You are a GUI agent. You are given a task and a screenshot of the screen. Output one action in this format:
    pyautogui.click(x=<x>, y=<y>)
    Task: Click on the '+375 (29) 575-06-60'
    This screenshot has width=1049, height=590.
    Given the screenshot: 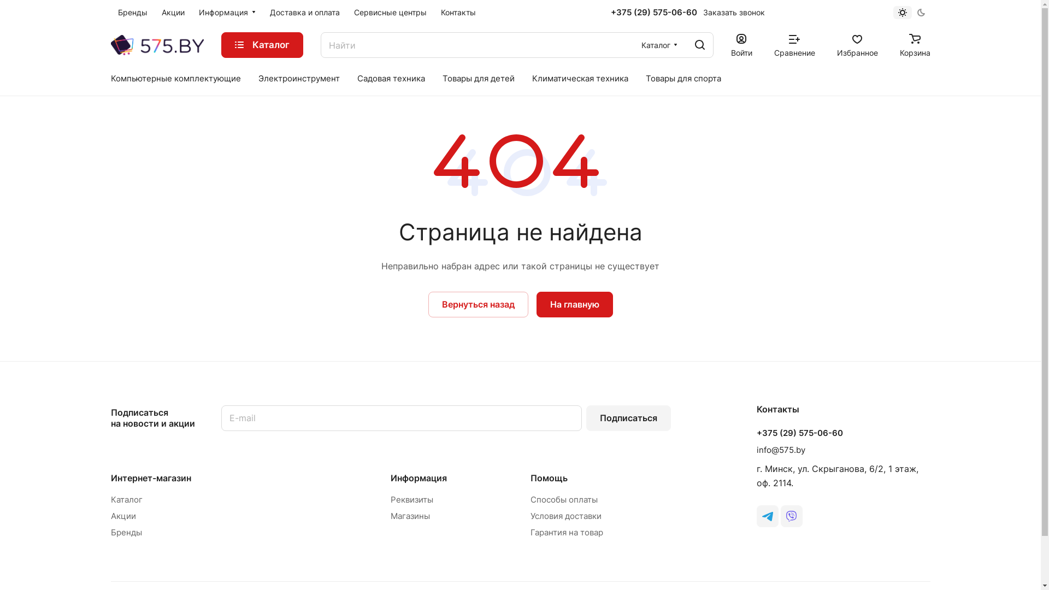 What is the action you would take?
    pyautogui.click(x=755, y=433)
    